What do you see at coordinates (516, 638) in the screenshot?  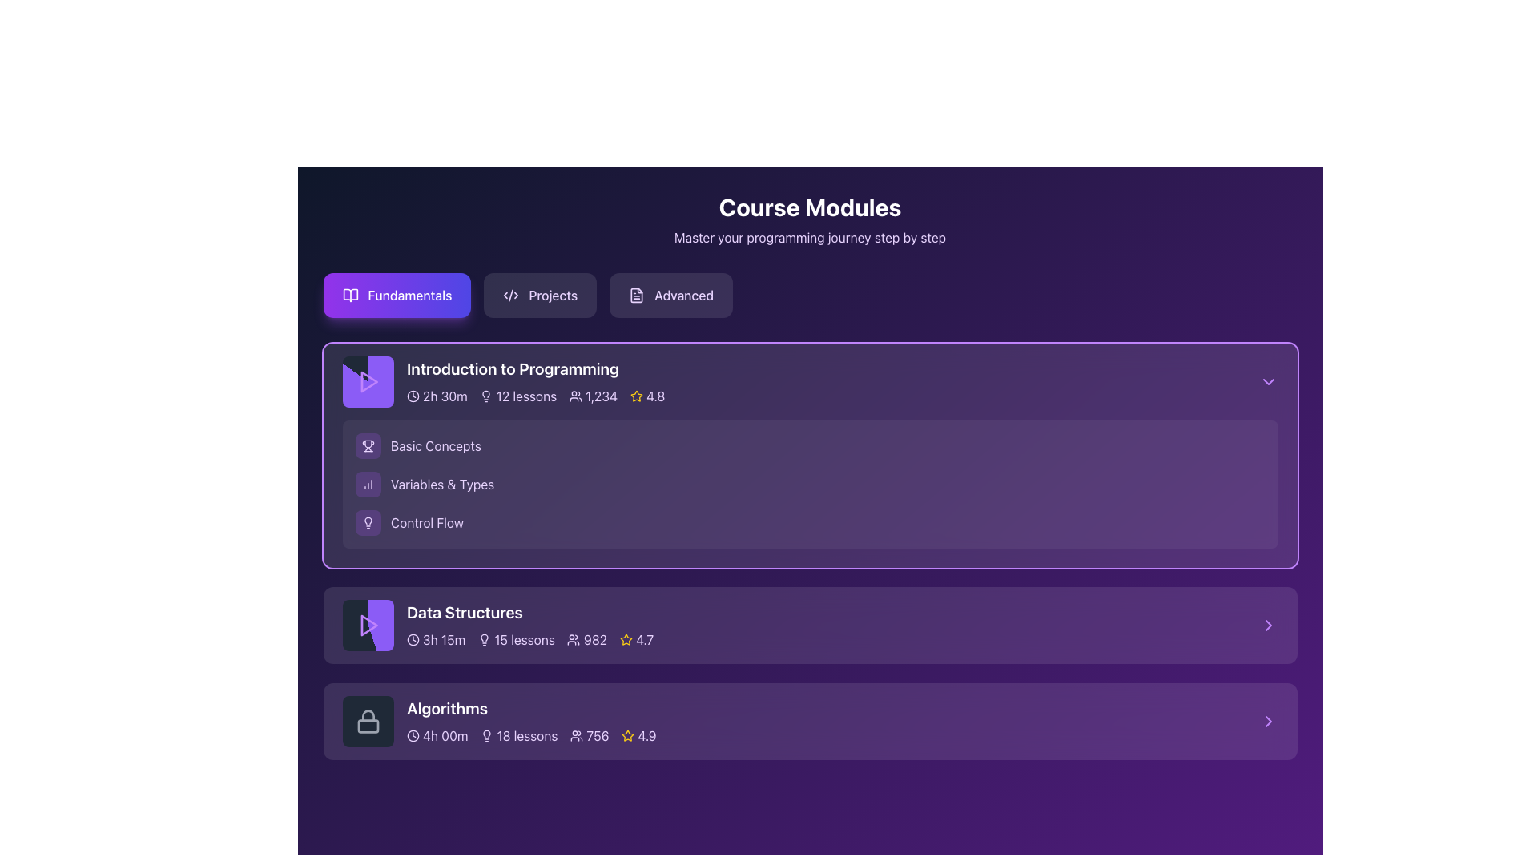 I see `the text label displaying the number of lessons in the 'Data Structures' module, which is located between the duration label and the participants count in the metadata row` at bounding box center [516, 638].